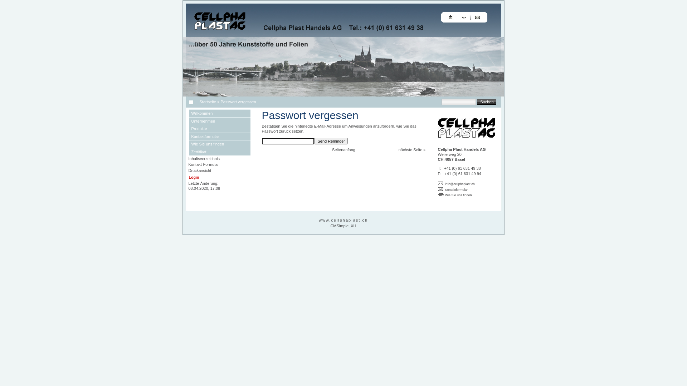 Image resolution: width=687 pixels, height=386 pixels. I want to click on 'Seitenanfang', so click(343, 149).